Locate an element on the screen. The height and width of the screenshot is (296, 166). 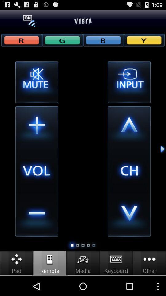
channel up is located at coordinates (129, 127).